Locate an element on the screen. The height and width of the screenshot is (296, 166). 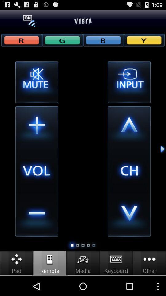
channel up is located at coordinates (129, 127).